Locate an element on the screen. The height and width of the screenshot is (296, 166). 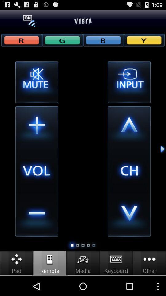
channel up is located at coordinates (129, 127).